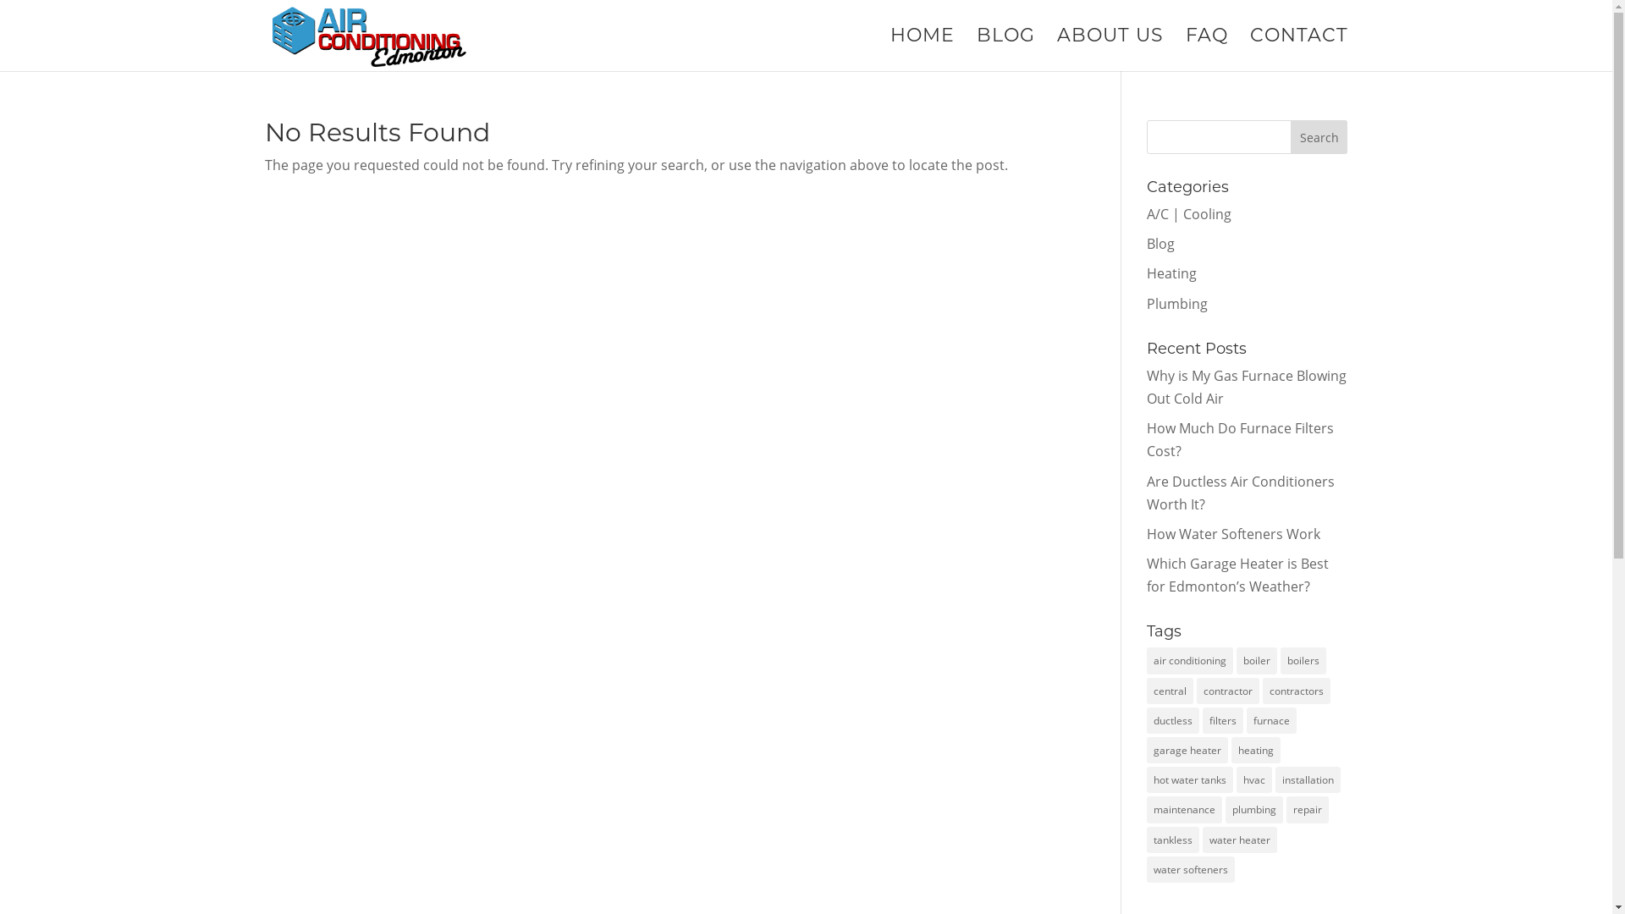  What do you see at coordinates (1186, 749) in the screenshot?
I see `'garage heater'` at bounding box center [1186, 749].